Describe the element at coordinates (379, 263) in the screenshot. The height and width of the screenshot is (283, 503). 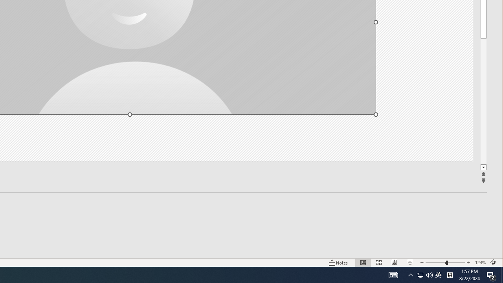
I see `'Slide Sorter'` at that location.